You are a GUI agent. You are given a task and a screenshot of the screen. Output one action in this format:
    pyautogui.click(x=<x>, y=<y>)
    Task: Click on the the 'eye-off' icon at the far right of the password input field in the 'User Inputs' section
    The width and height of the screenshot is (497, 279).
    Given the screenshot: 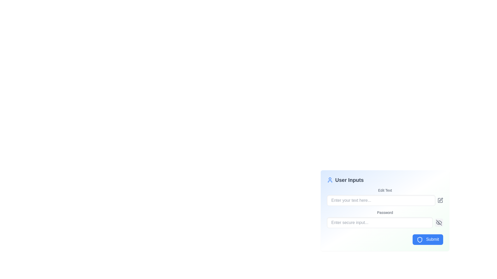 What is the action you would take?
    pyautogui.click(x=438, y=222)
    